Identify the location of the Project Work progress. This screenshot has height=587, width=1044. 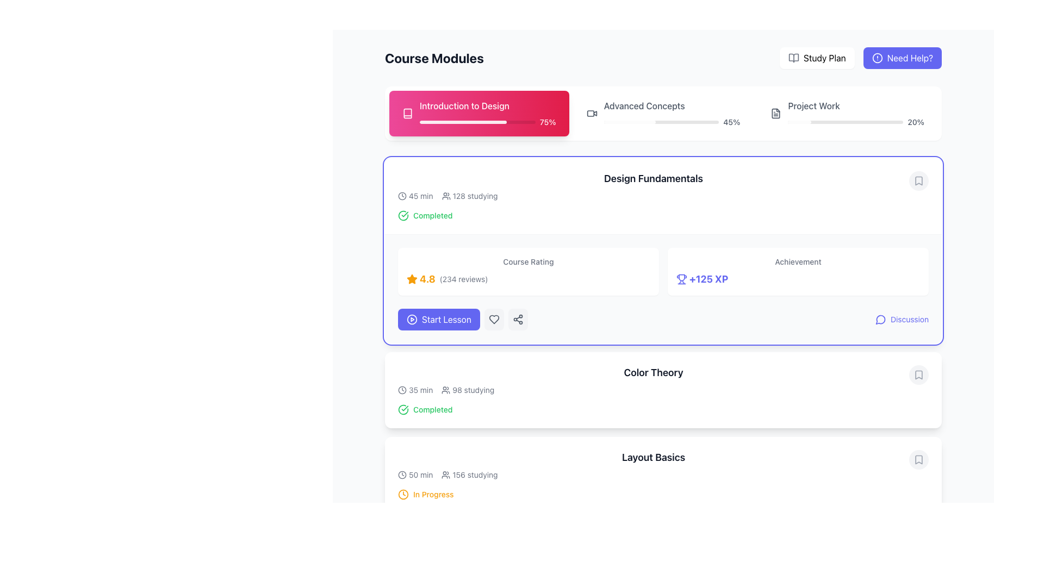
(873, 122).